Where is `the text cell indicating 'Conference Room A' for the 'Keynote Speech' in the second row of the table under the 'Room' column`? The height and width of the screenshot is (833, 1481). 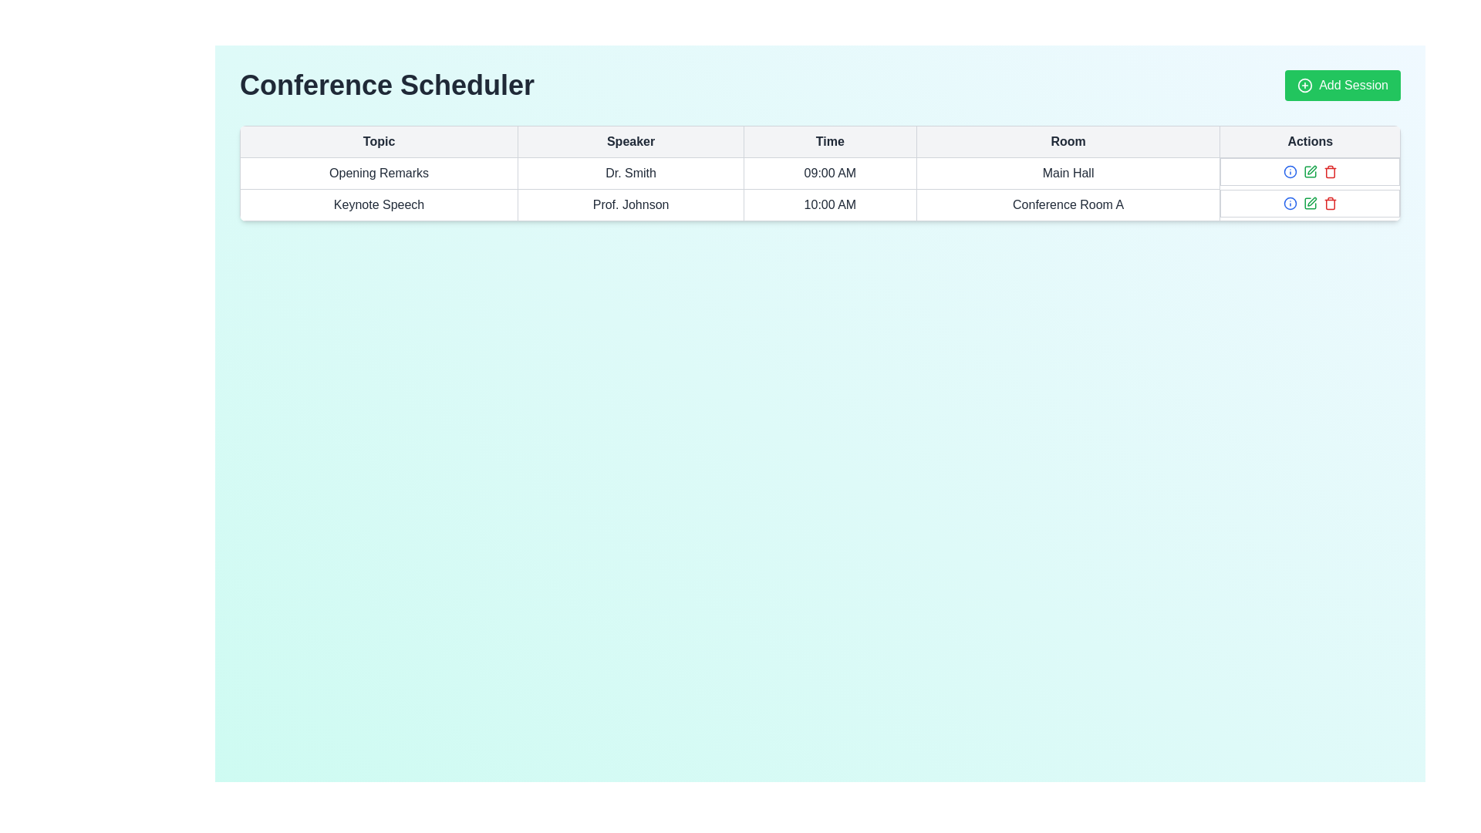
the text cell indicating 'Conference Room A' for the 'Keynote Speech' in the second row of the table under the 'Room' column is located at coordinates (1068, 204).